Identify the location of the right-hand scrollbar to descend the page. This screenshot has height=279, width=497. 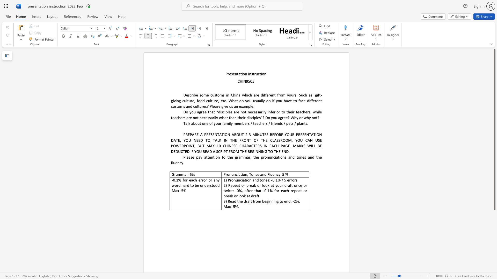
(494, 238).